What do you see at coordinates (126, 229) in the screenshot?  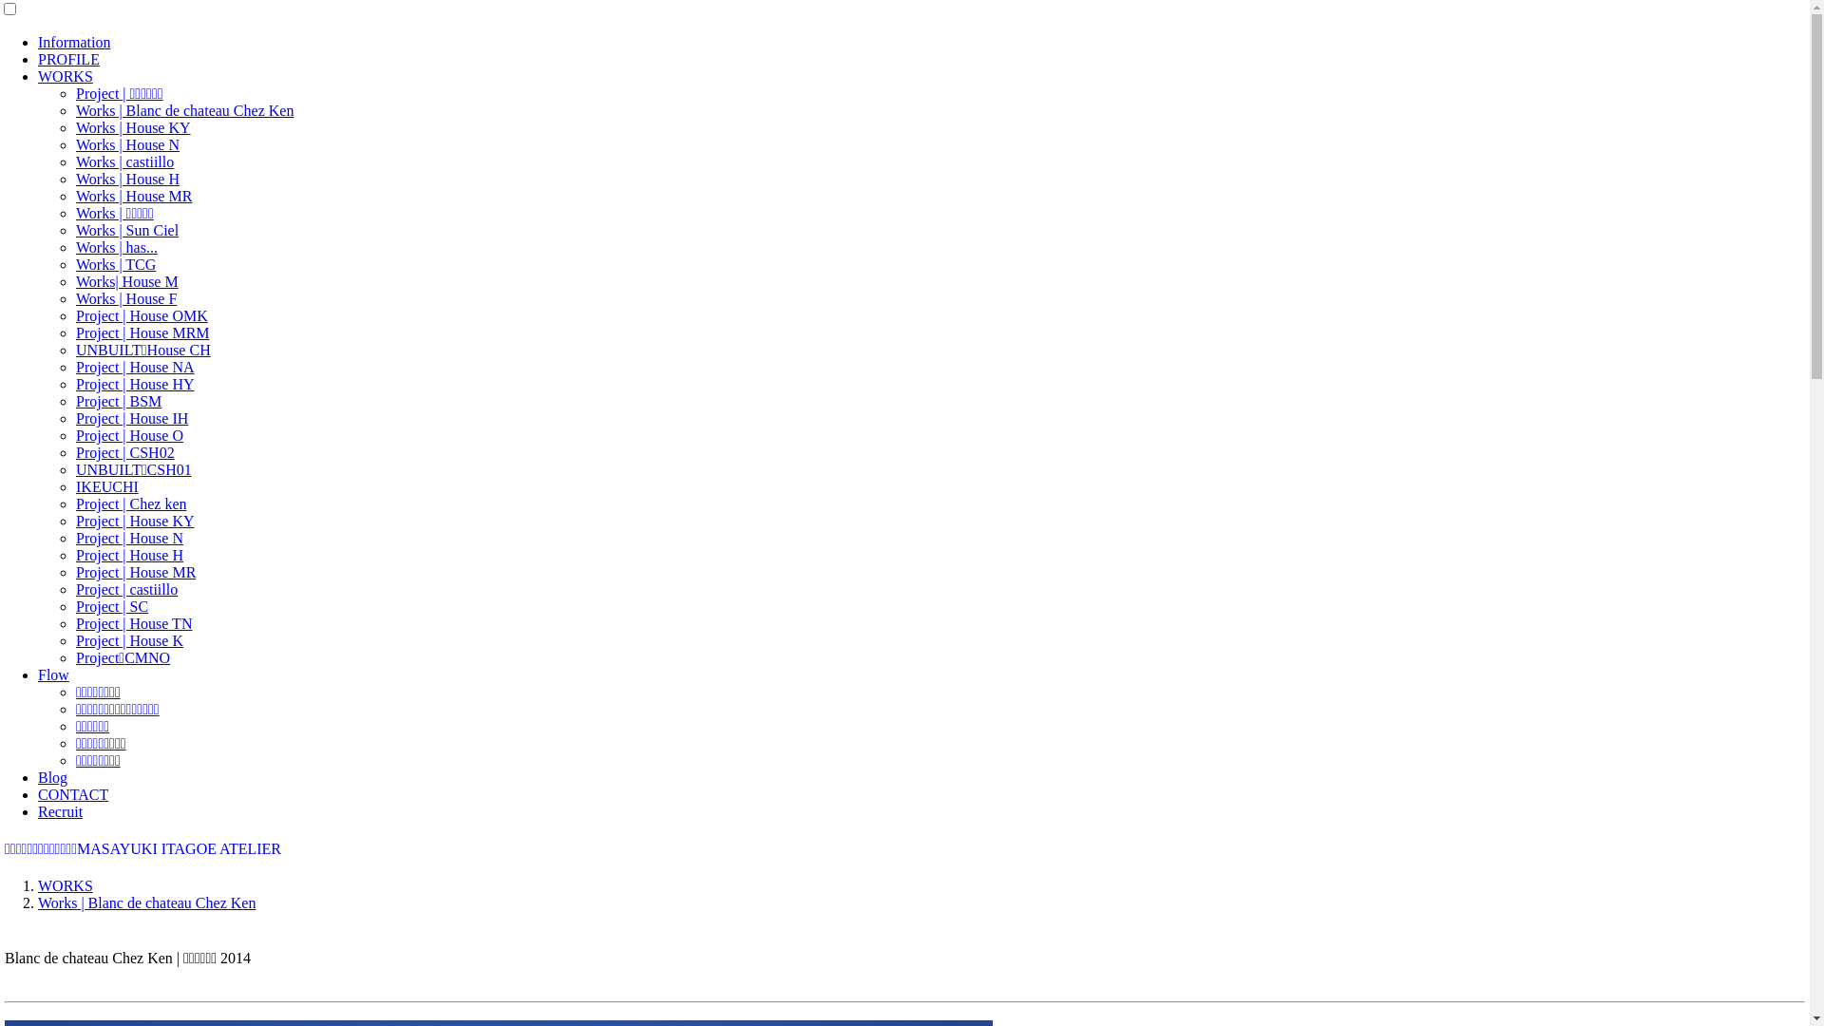 I see `'Works | Sun Ciel'` at bounding box center [126, 229].